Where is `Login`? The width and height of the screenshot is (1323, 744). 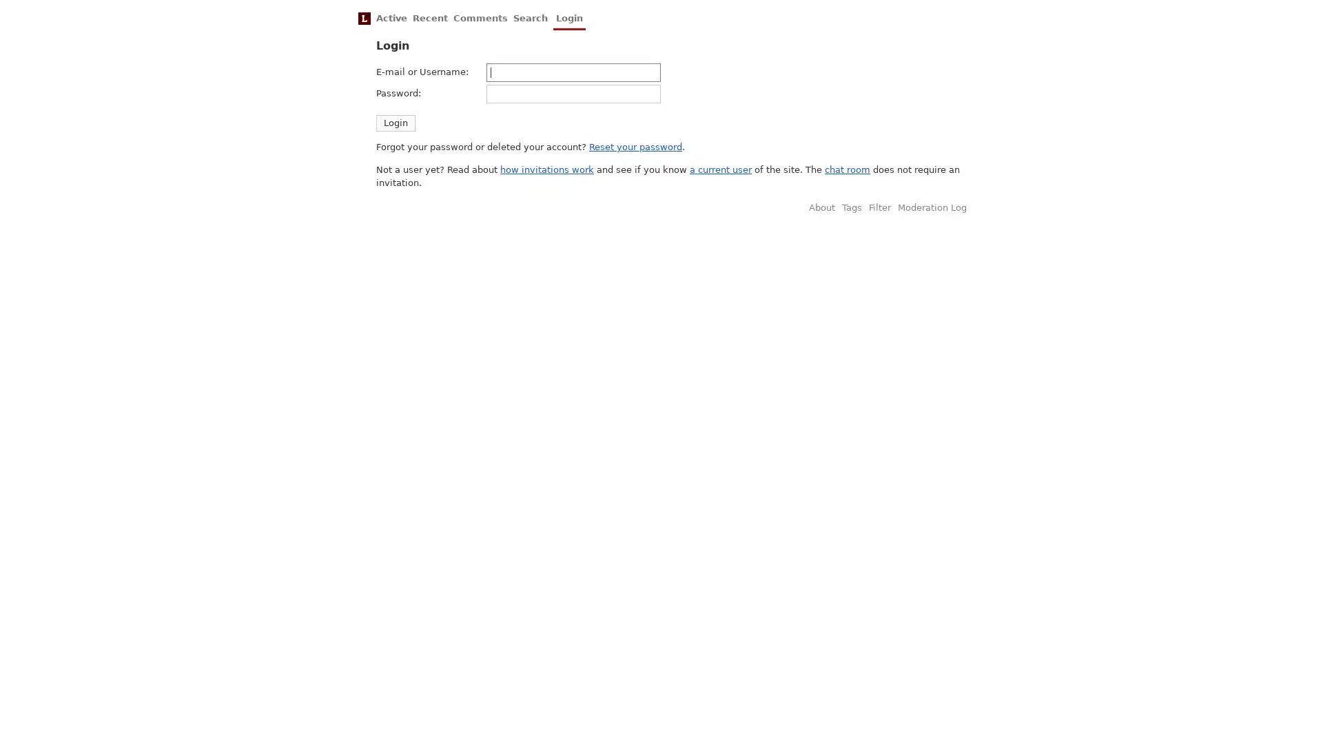 Login is located at coordinates (395, 121).